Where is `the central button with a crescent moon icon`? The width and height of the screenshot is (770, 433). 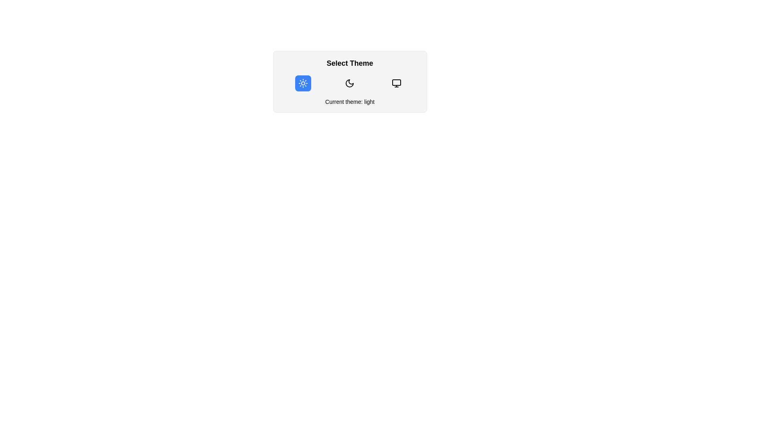 the central button with a crescent moon icon is located at coordinates (350, 83).